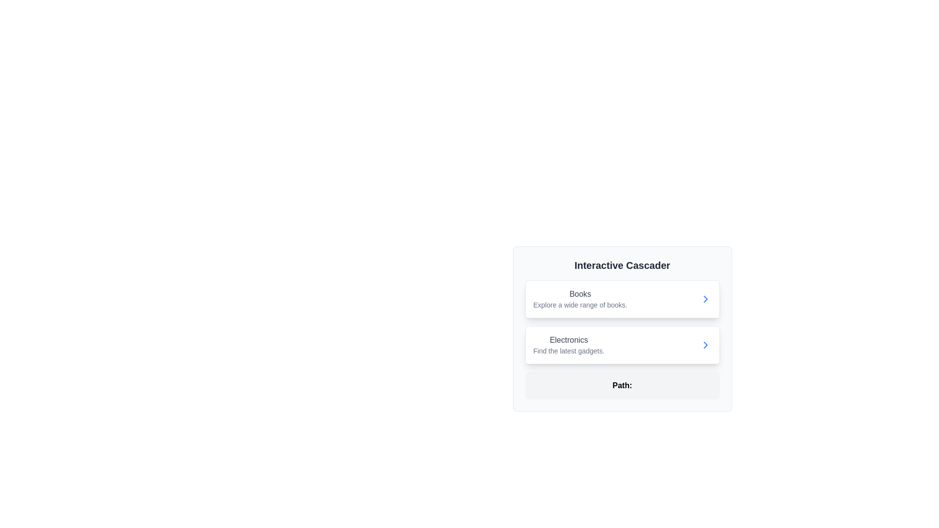 This screenshot has height=528, width=939. I want to click on the second item in the vertical list, which is a clickable card for electronics and gadgets, so click(622, 344).